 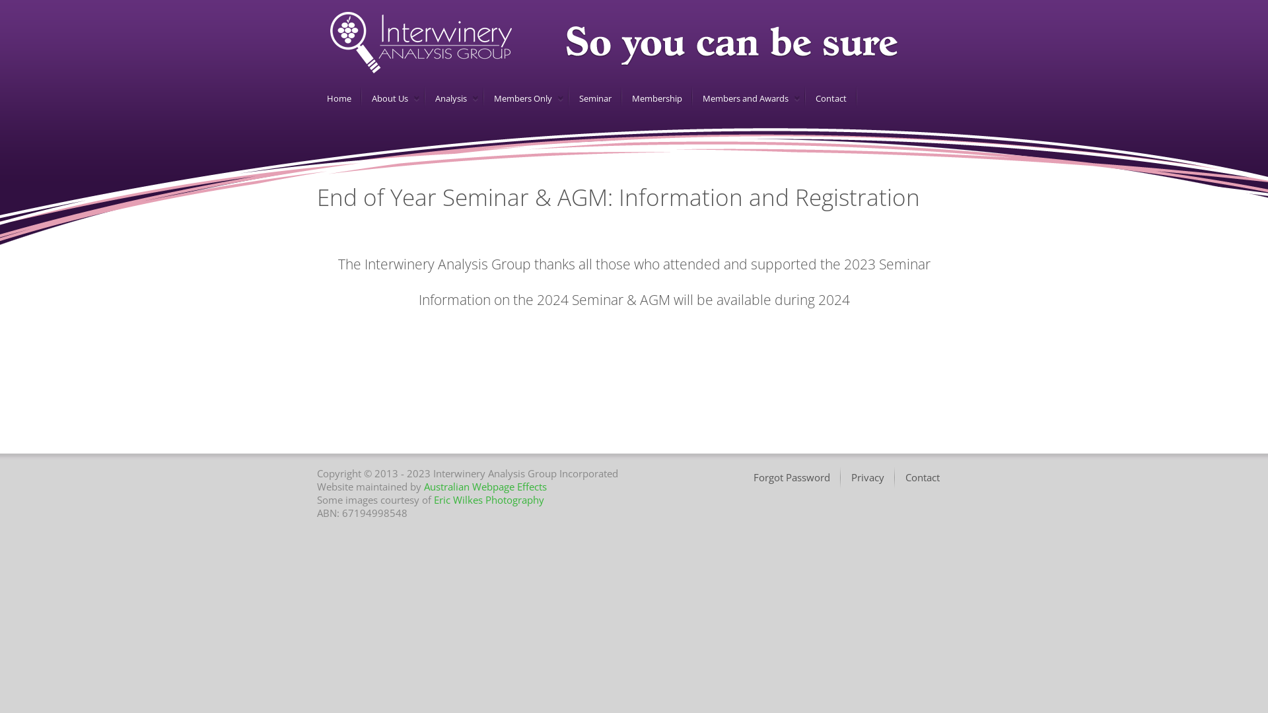 I want to click on 'Privacy', so click(x=868, y=477).